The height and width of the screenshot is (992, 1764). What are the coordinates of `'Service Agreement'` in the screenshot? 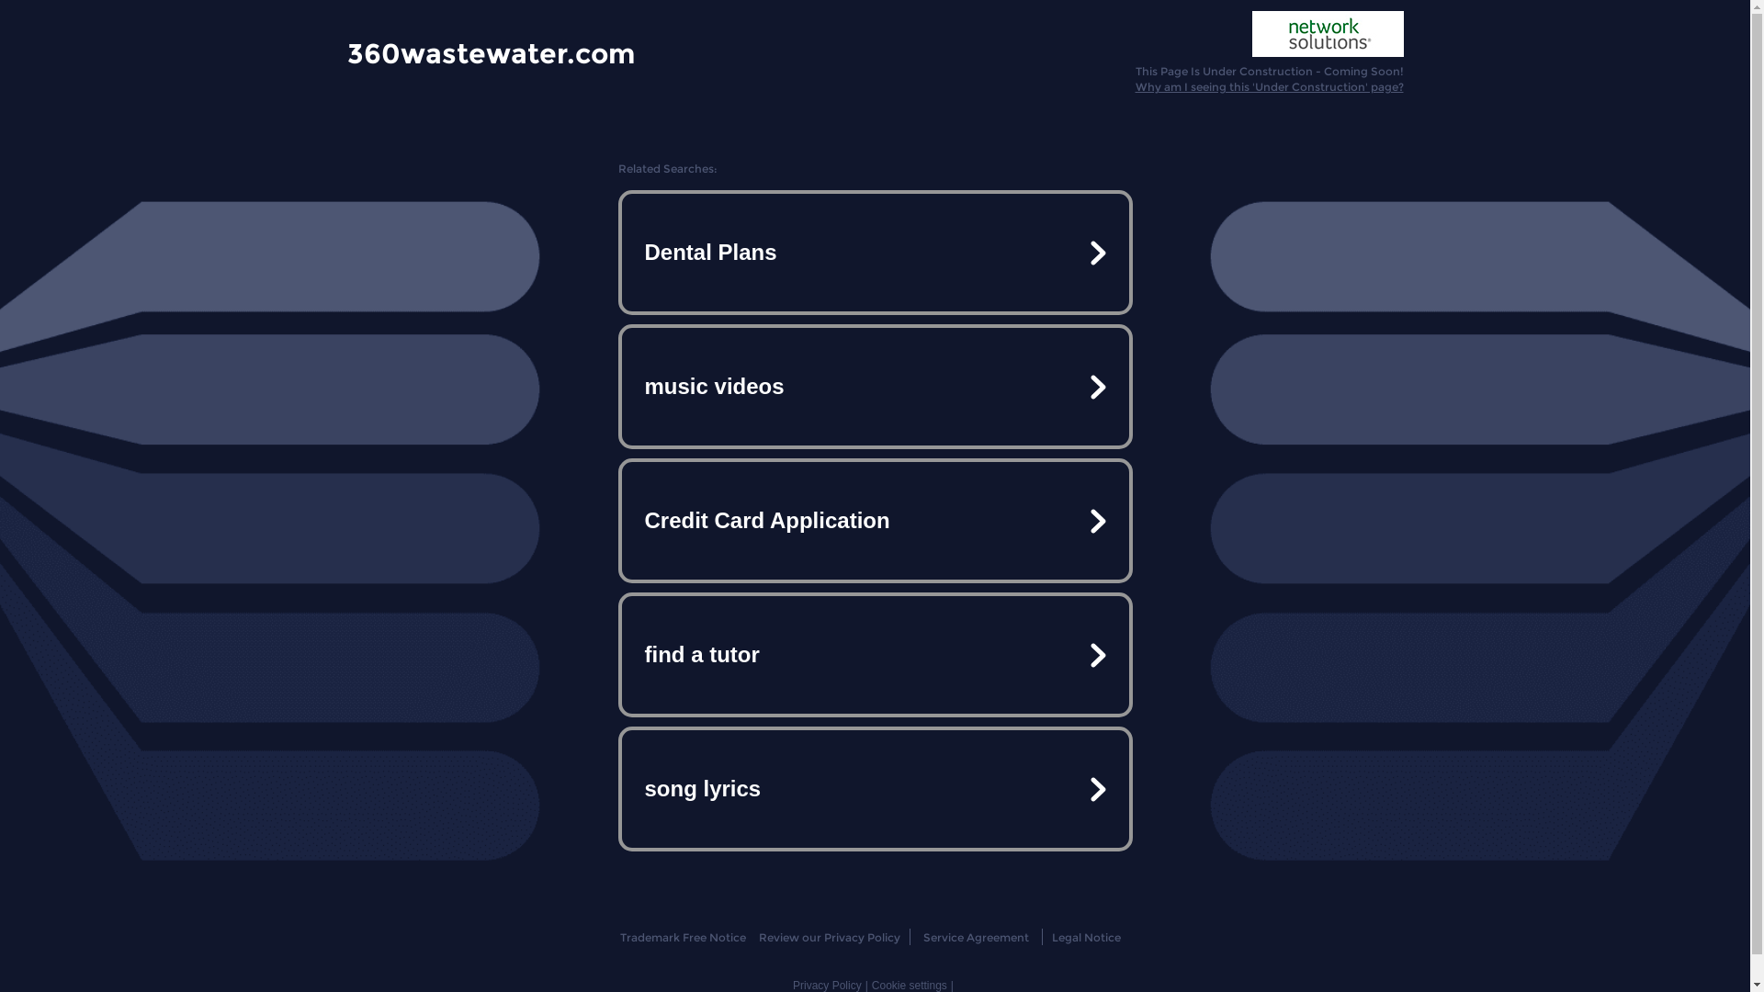 It's located at (975, 937).